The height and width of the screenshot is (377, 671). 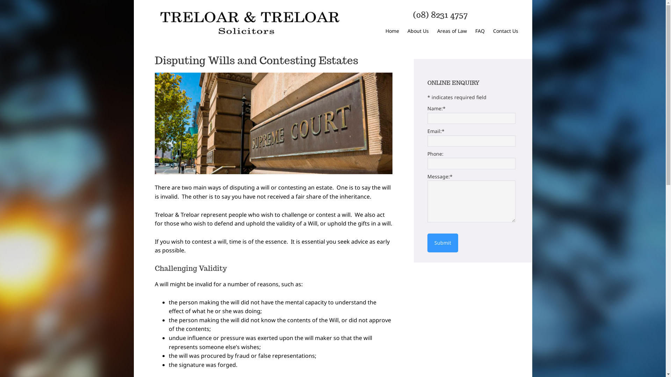 What do you see at coordinates (248, 23) in the screenshot?
I see `'Treloar & Treloar'` at bounding box center [248, 23].